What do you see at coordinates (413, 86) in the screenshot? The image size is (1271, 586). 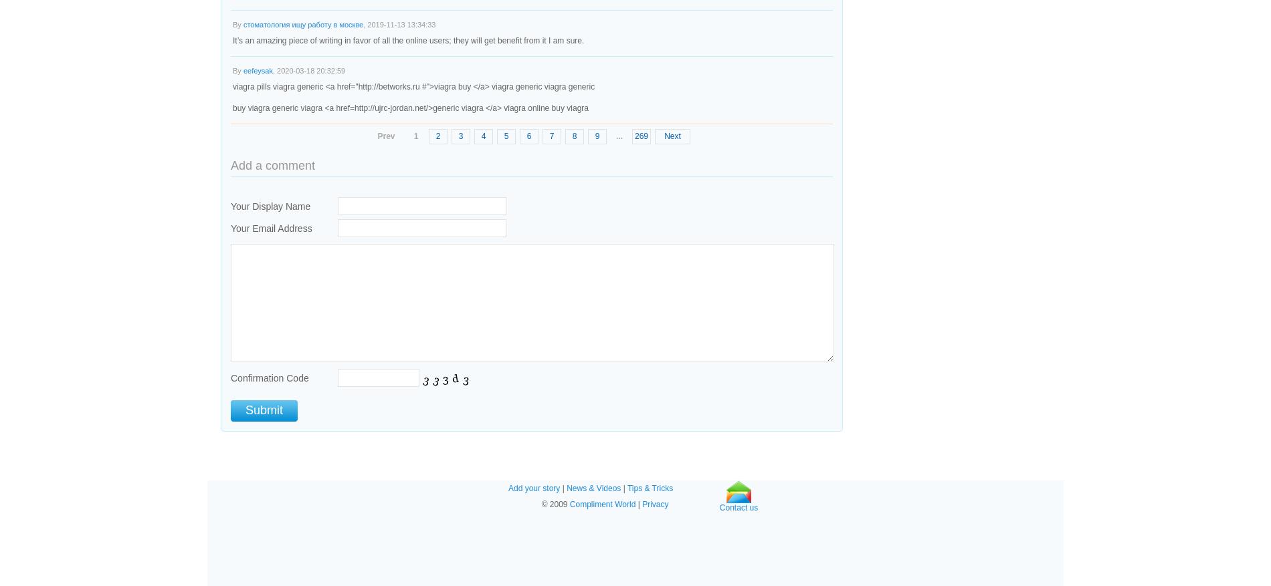 I see `'viagra pills  viagra generic  <a href="http://betworks.ru #">viagra buy  </a>  viagra generic  viagra generic'` at bounding box center [413, 86].